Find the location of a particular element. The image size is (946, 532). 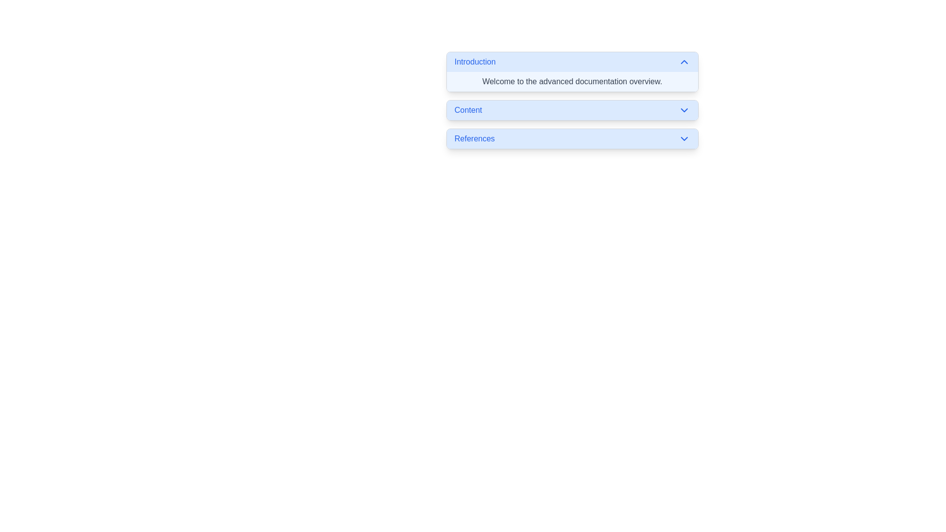

the text label located at the top-left corner of a horizontal blue bar that serves as a title for a section or expandable content area is located at coordinates (475, 62).